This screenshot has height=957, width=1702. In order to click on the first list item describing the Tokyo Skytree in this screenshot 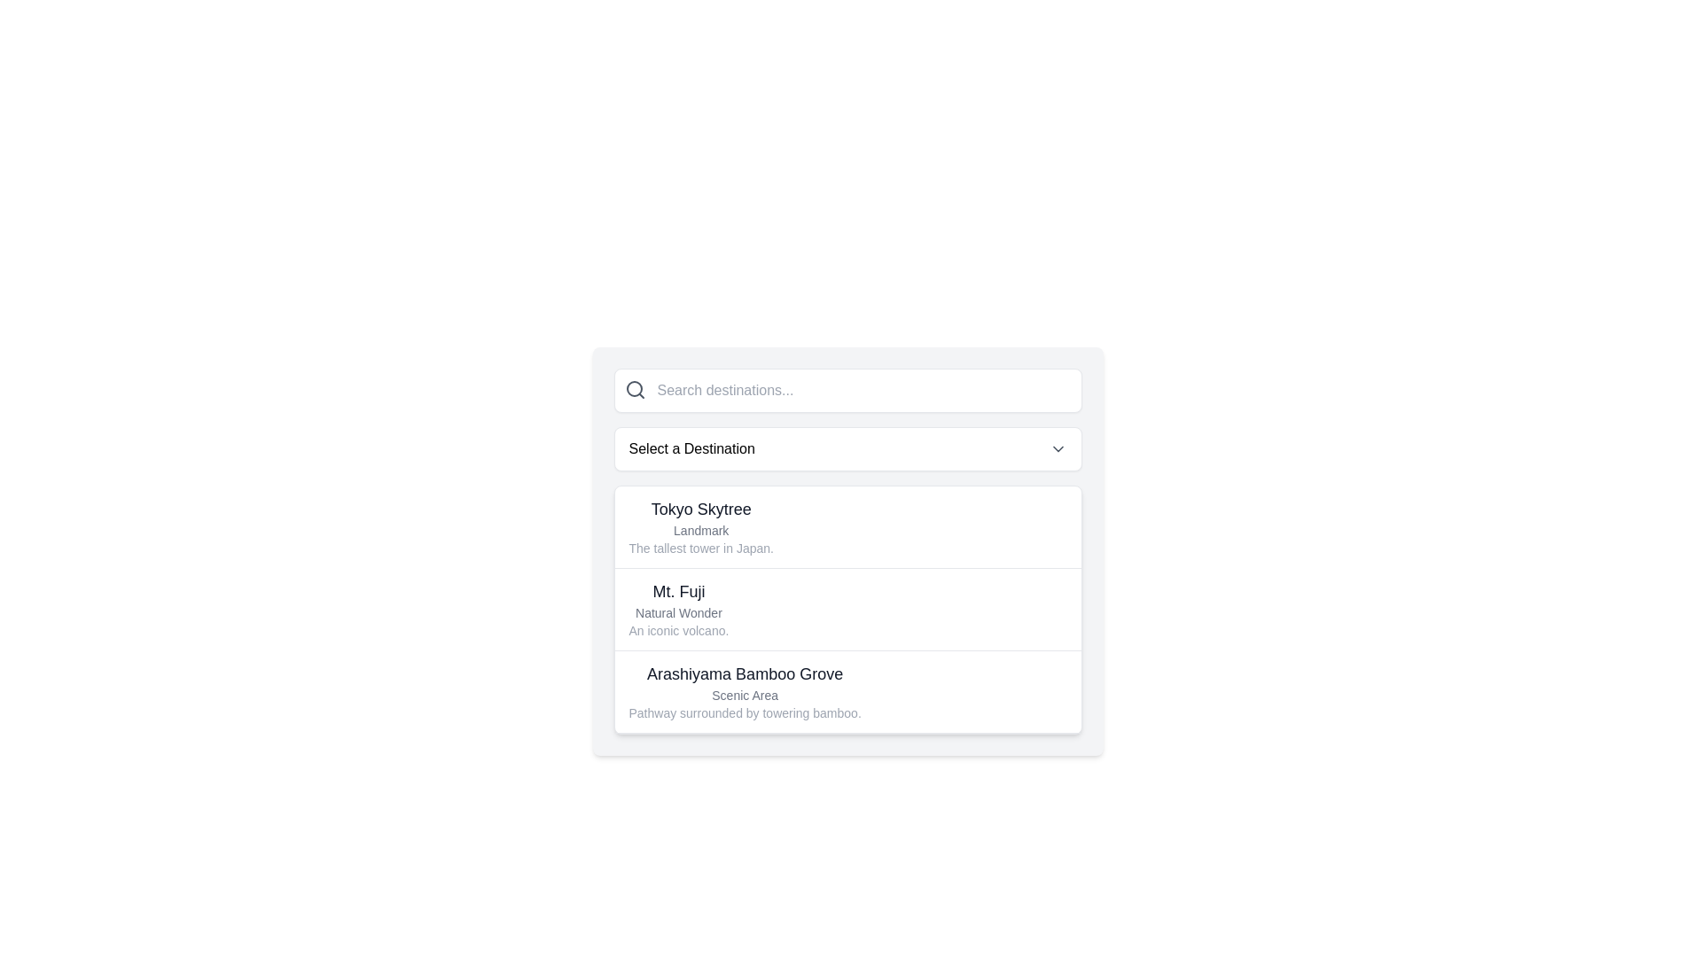, I will do `click(847, 526)`.